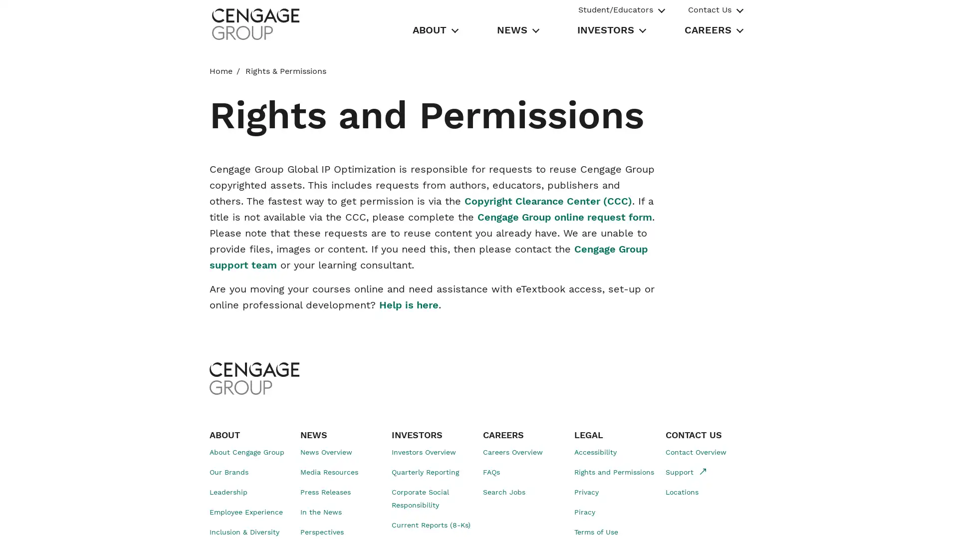  Describe the element at coordinates (698, 520) in the screenshot. I see `Manage Options` at that location.